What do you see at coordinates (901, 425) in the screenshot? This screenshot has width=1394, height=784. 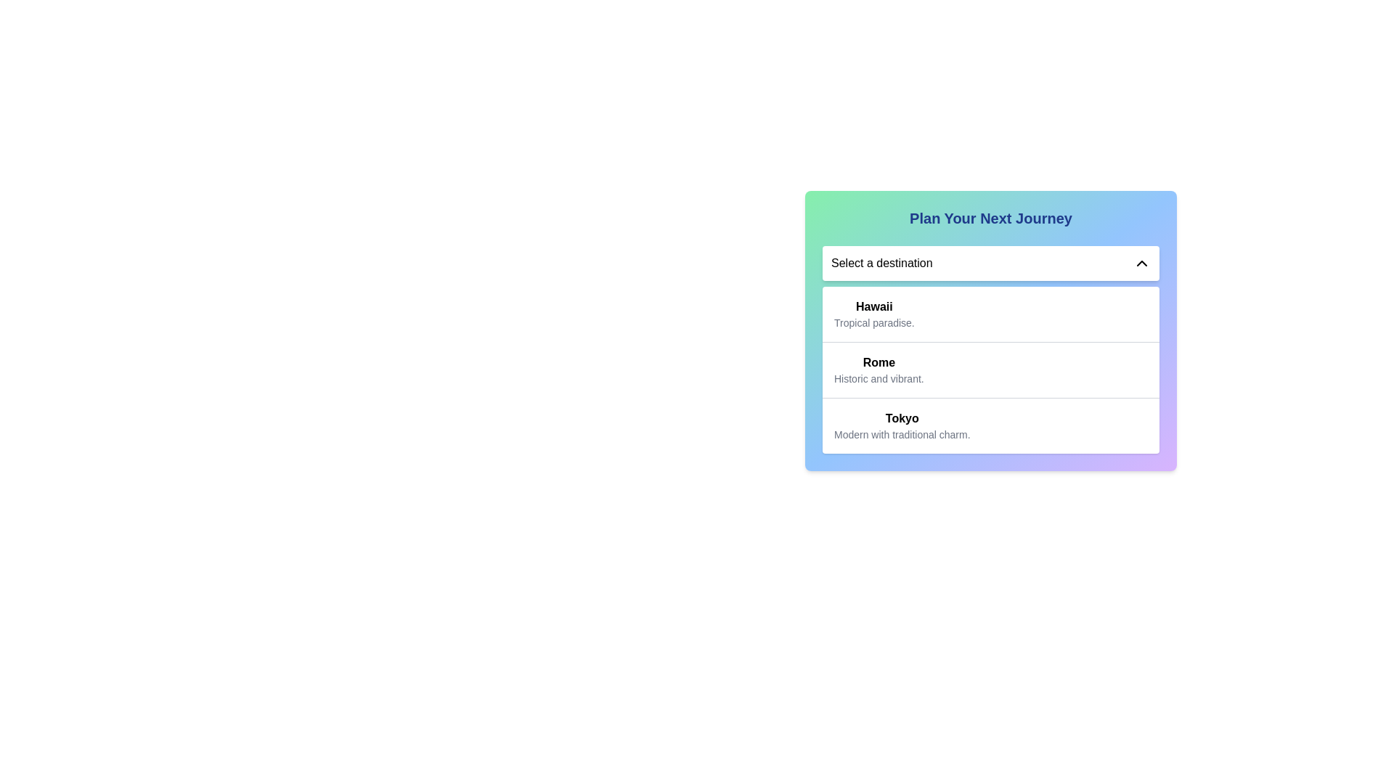 I see `the third destination option labeled 'Tokyo'` at bounding box center [901, 425].